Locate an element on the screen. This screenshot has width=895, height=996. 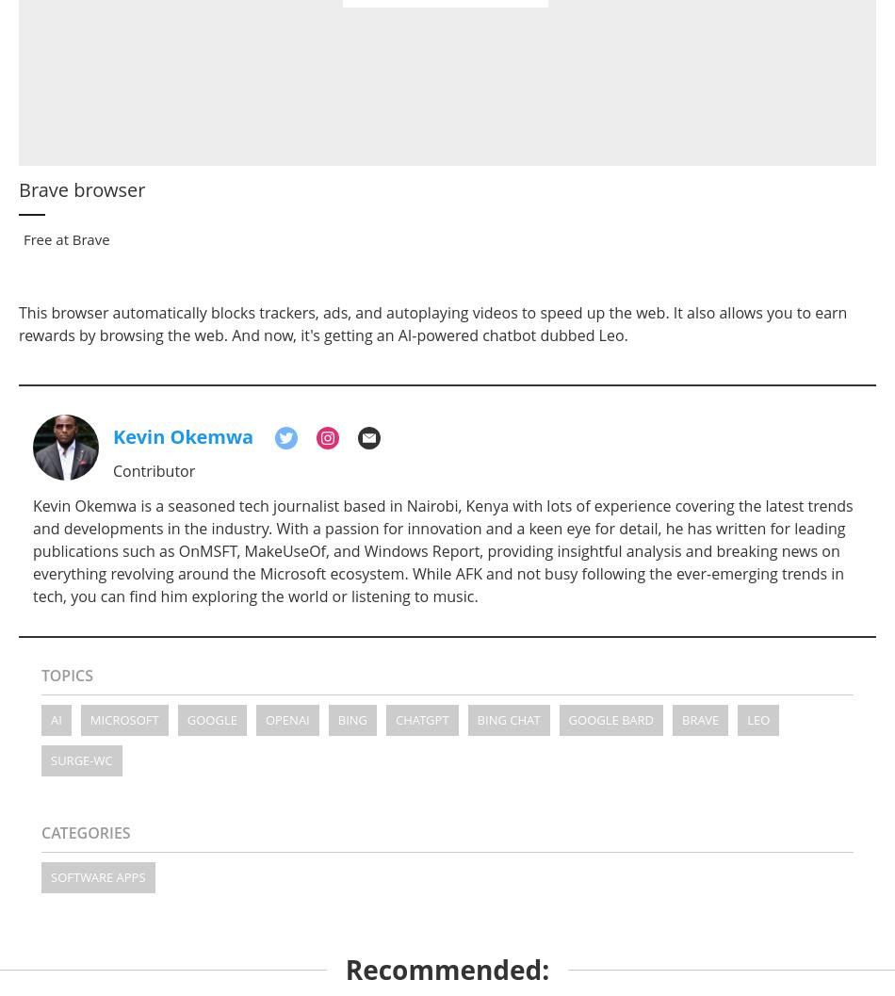
'ChatGPT' is located at coordinates (421, 719).